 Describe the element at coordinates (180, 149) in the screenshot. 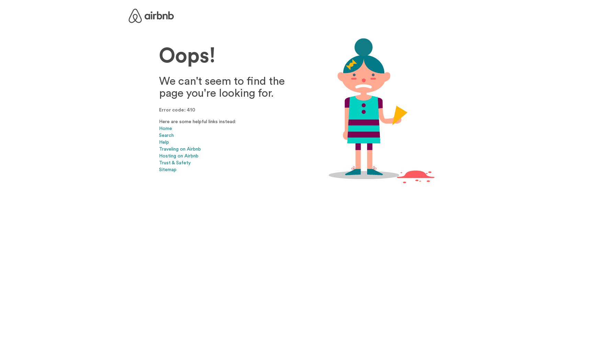

I see `'Traveling on Airbnb'` at that location.